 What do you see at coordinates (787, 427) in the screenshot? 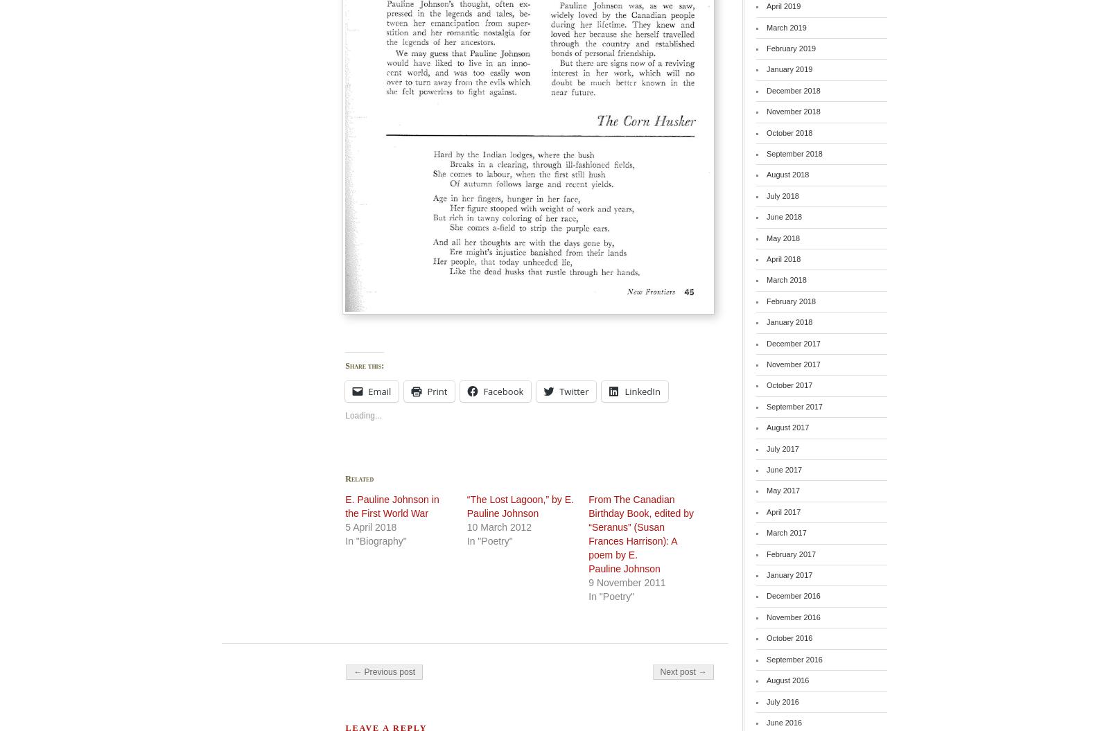
I see `'August 2017'` at bounding box center [787, 427].